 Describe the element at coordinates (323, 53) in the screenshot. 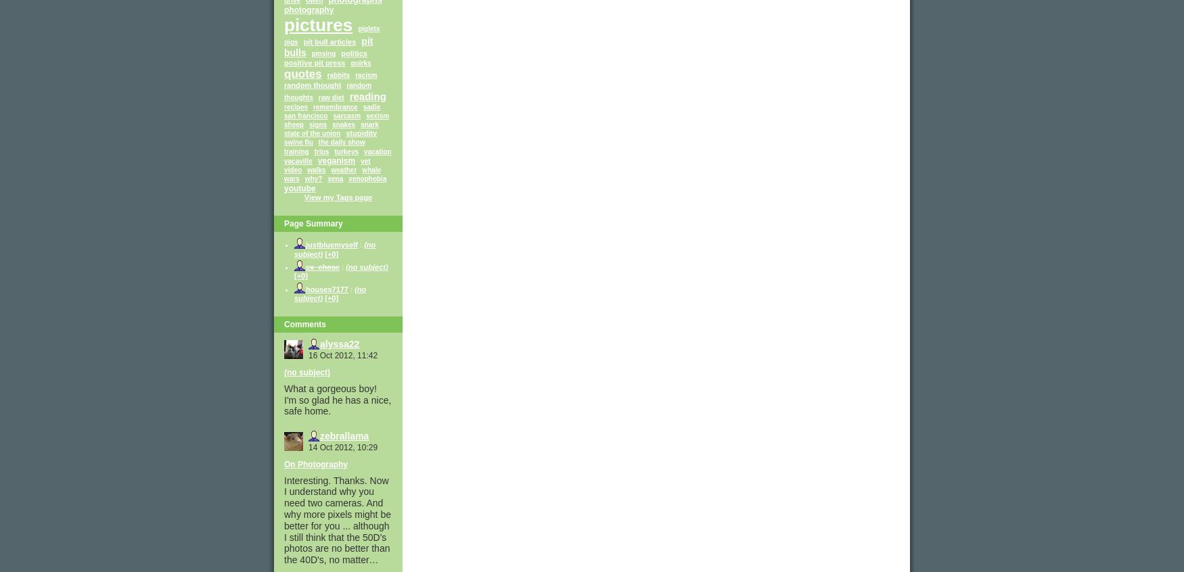

I see `'pmsing'` at that location.